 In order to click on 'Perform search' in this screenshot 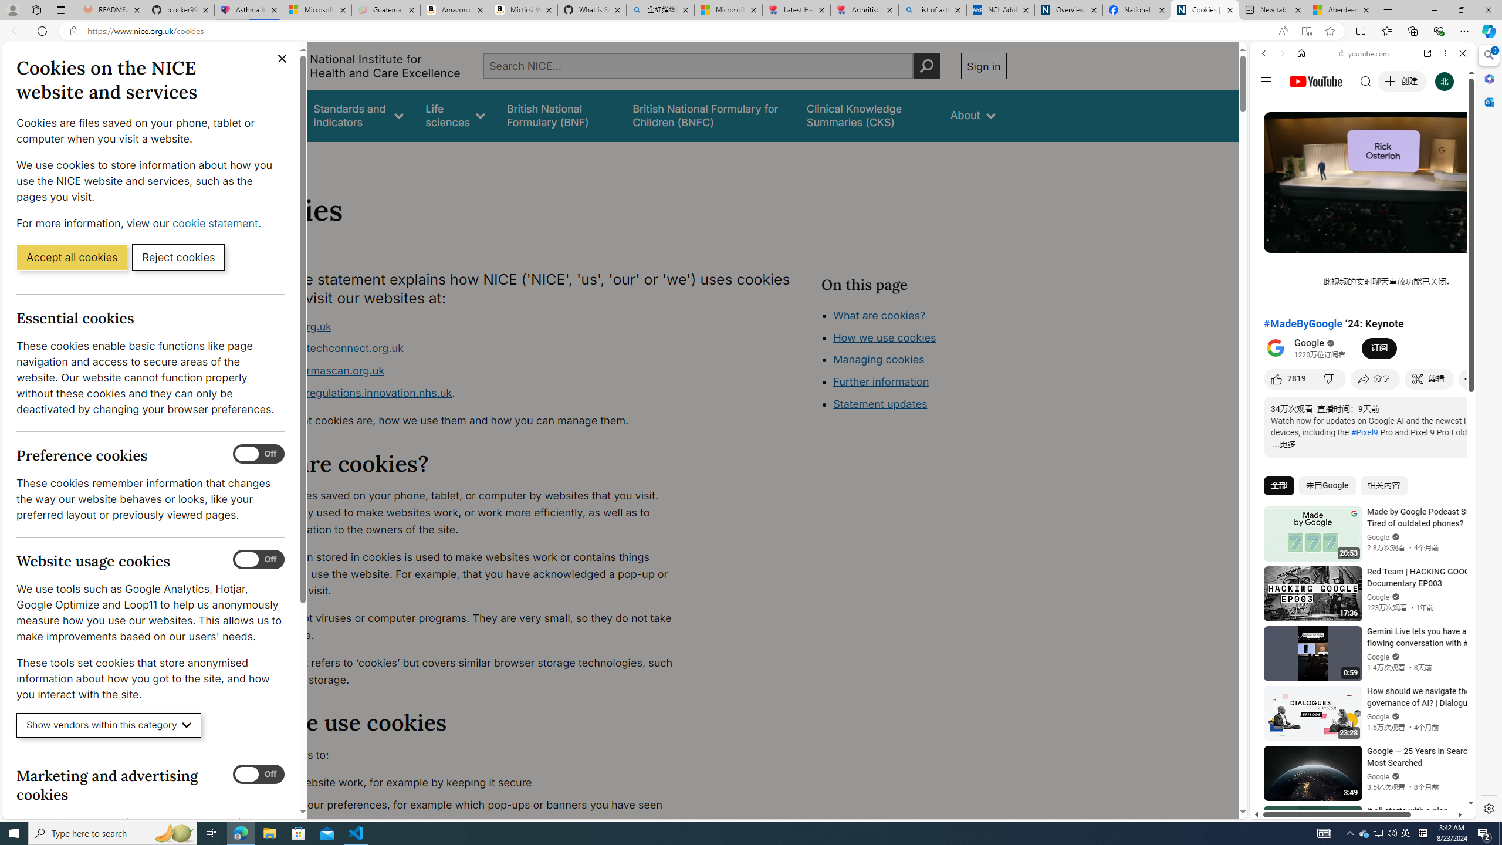, I will do `click(926, 65)`.